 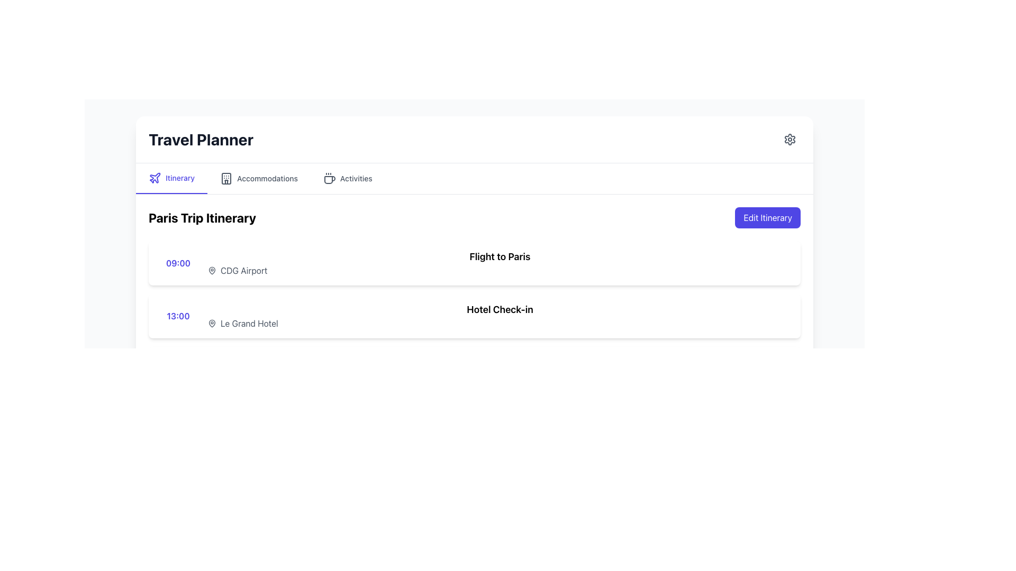 What do you see at coordinates (790, 139) in the screenshot?
I see `the settings button located on the far-right side of the 'Travel Planner' header bar` at bounding box center [790, 139].